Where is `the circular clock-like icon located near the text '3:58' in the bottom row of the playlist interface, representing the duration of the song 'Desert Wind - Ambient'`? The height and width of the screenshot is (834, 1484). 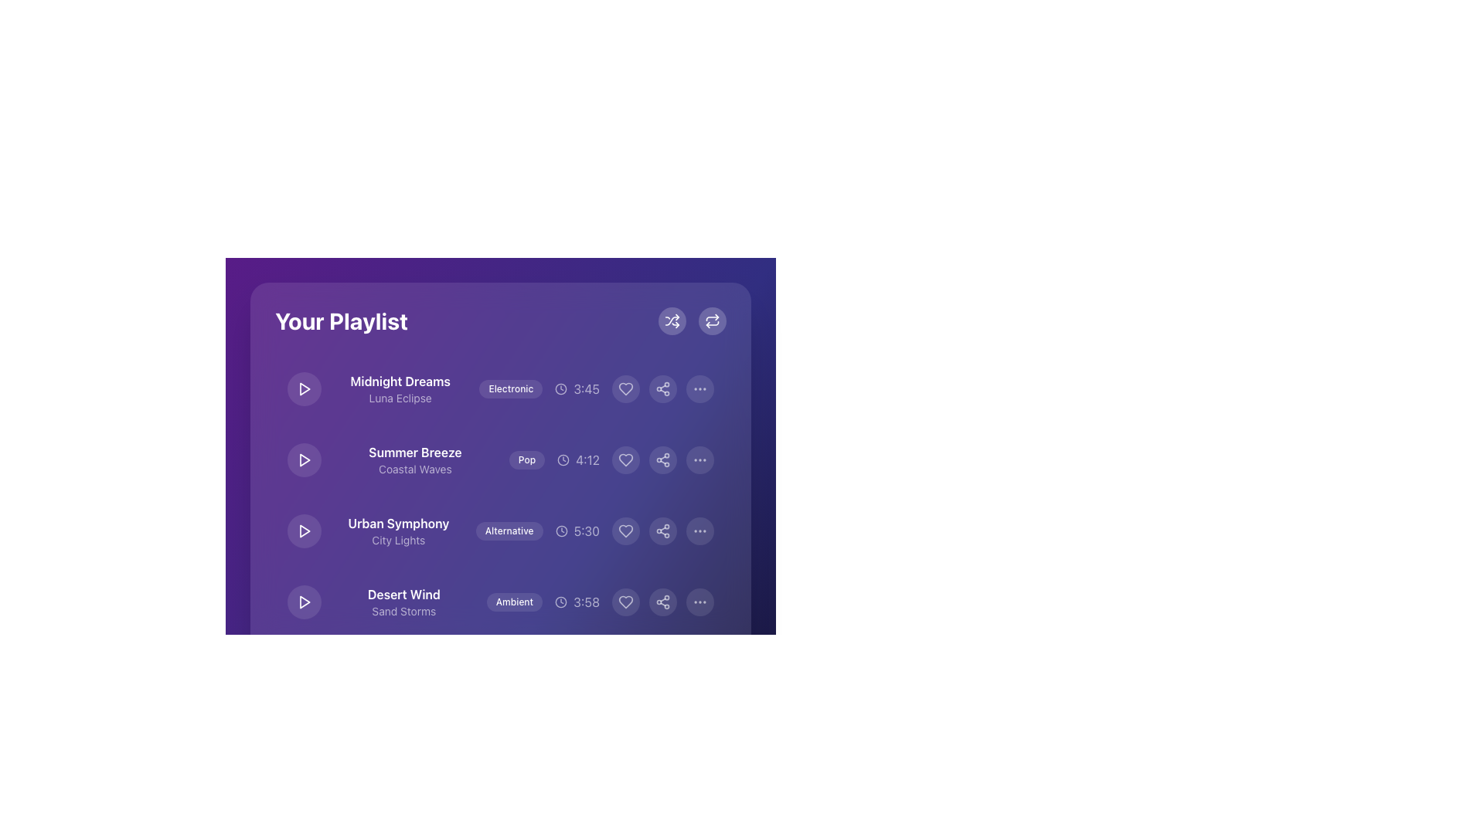 the circular clock-like icon located near the text '3:58' in the bottom row of the playlist interface, representing the duration of the song 'Desert Wind - Ambient' is located at coordinates (560, 601).